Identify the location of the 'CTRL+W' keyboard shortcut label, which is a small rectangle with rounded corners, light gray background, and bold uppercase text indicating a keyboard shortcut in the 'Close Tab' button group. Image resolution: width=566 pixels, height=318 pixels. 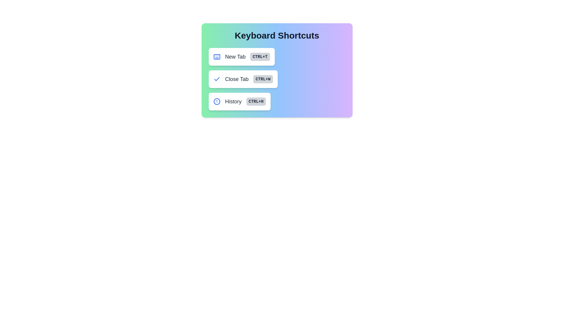
(263, 79).